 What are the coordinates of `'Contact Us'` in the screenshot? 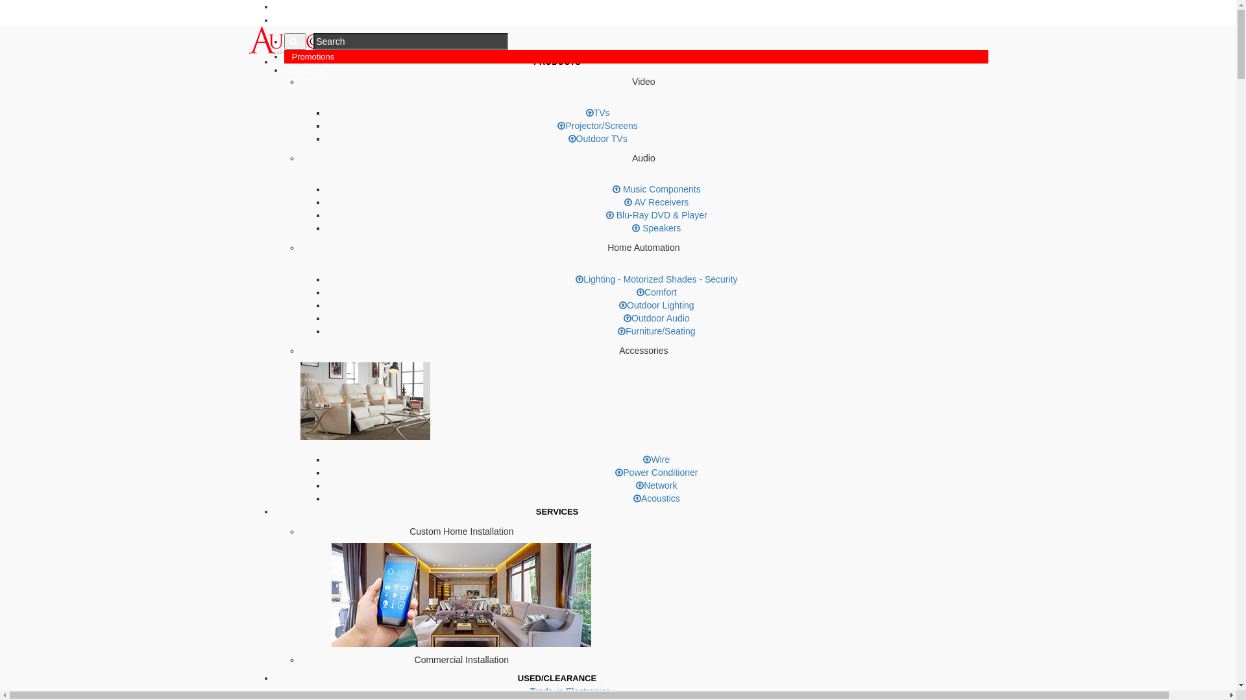 It's located at (304, 70).